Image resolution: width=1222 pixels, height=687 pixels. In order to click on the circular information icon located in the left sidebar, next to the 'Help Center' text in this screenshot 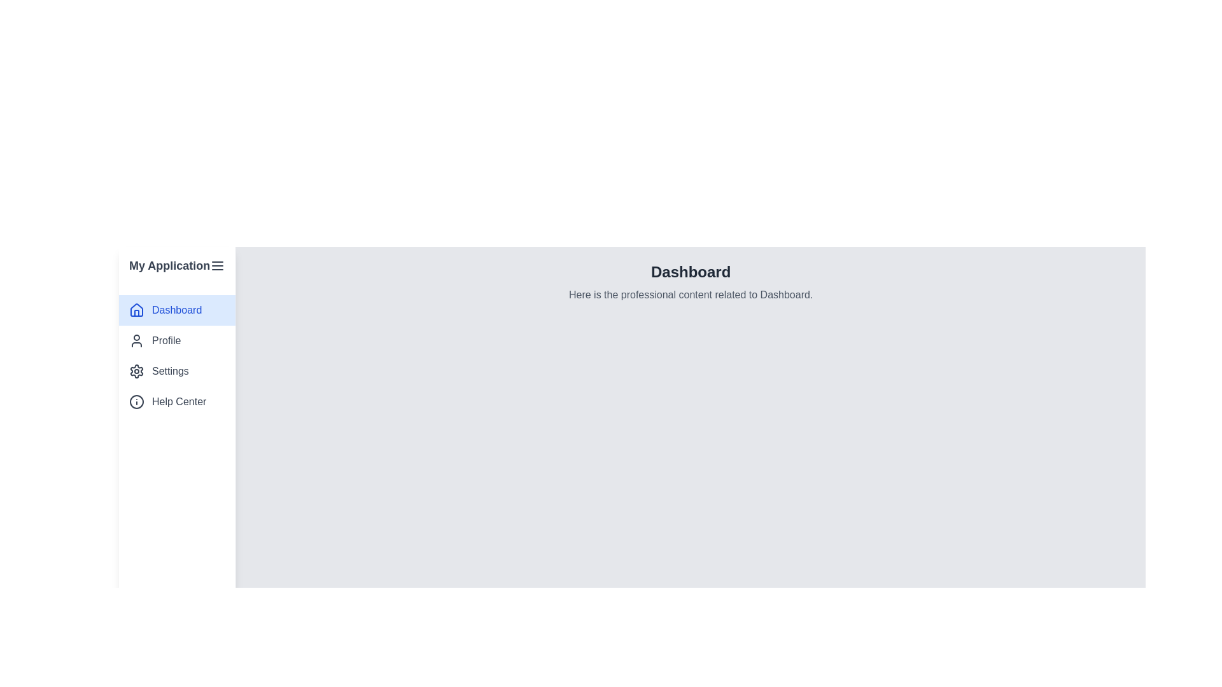, I will do `click(137, 402)`.